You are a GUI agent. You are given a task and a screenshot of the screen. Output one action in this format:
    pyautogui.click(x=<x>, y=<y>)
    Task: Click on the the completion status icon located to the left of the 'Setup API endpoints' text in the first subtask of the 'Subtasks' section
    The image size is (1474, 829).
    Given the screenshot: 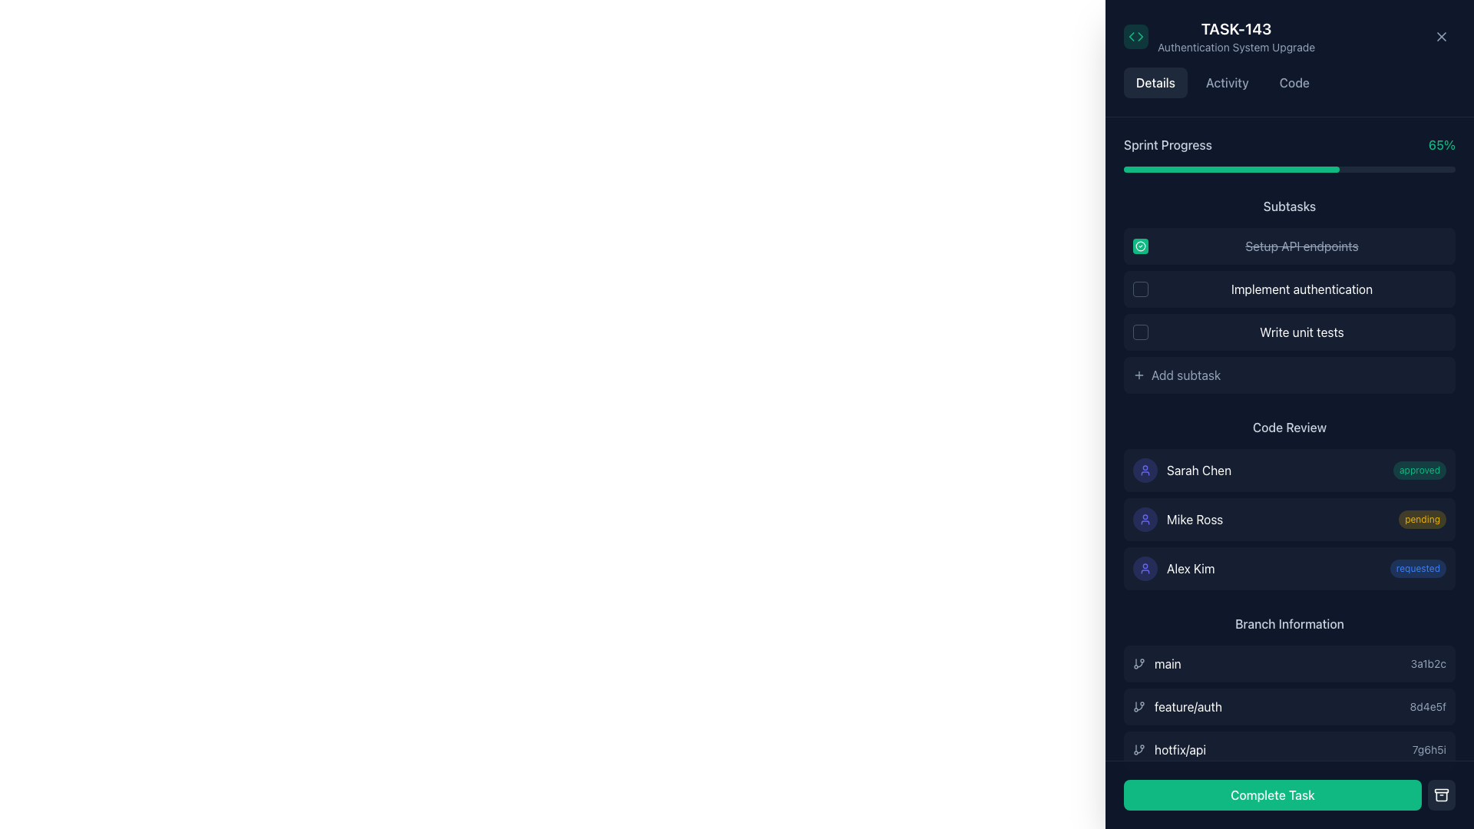 What is the action you would take?
    pyautogui.click(x=1141, y=245)
    